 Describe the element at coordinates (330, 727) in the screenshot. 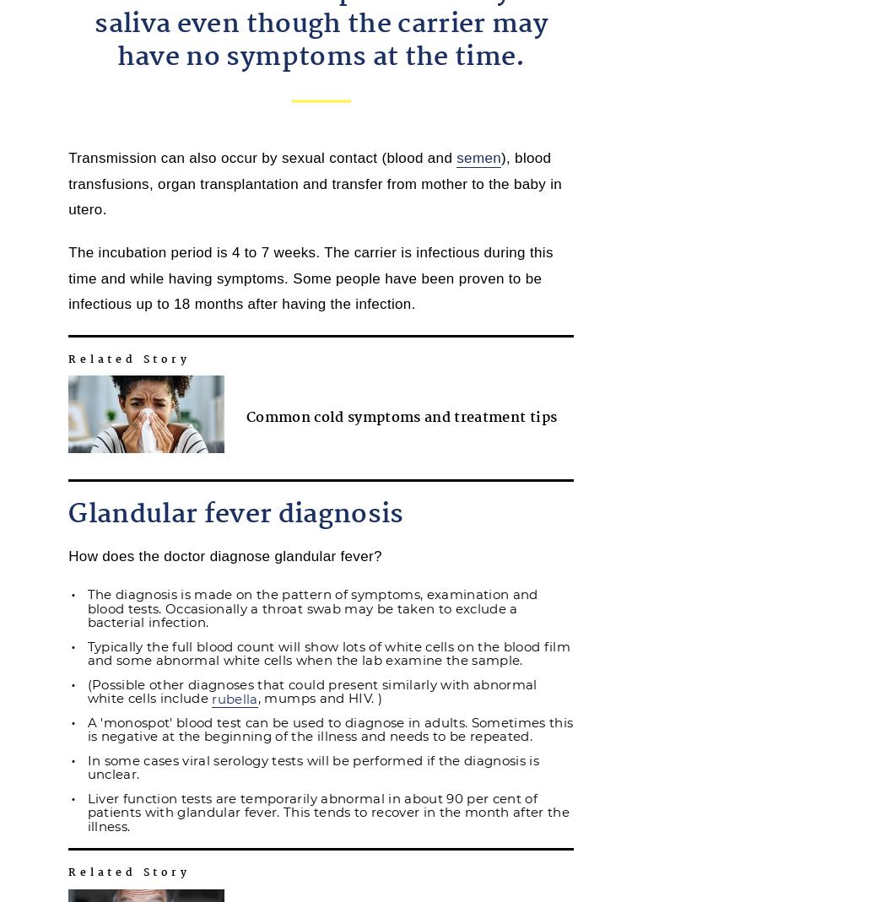

I see `'A 'monospot' blood test can be used to diagnose in adults. Sometimes this is negative at the beginning of the illness and needs to be repeated.'` at that location.